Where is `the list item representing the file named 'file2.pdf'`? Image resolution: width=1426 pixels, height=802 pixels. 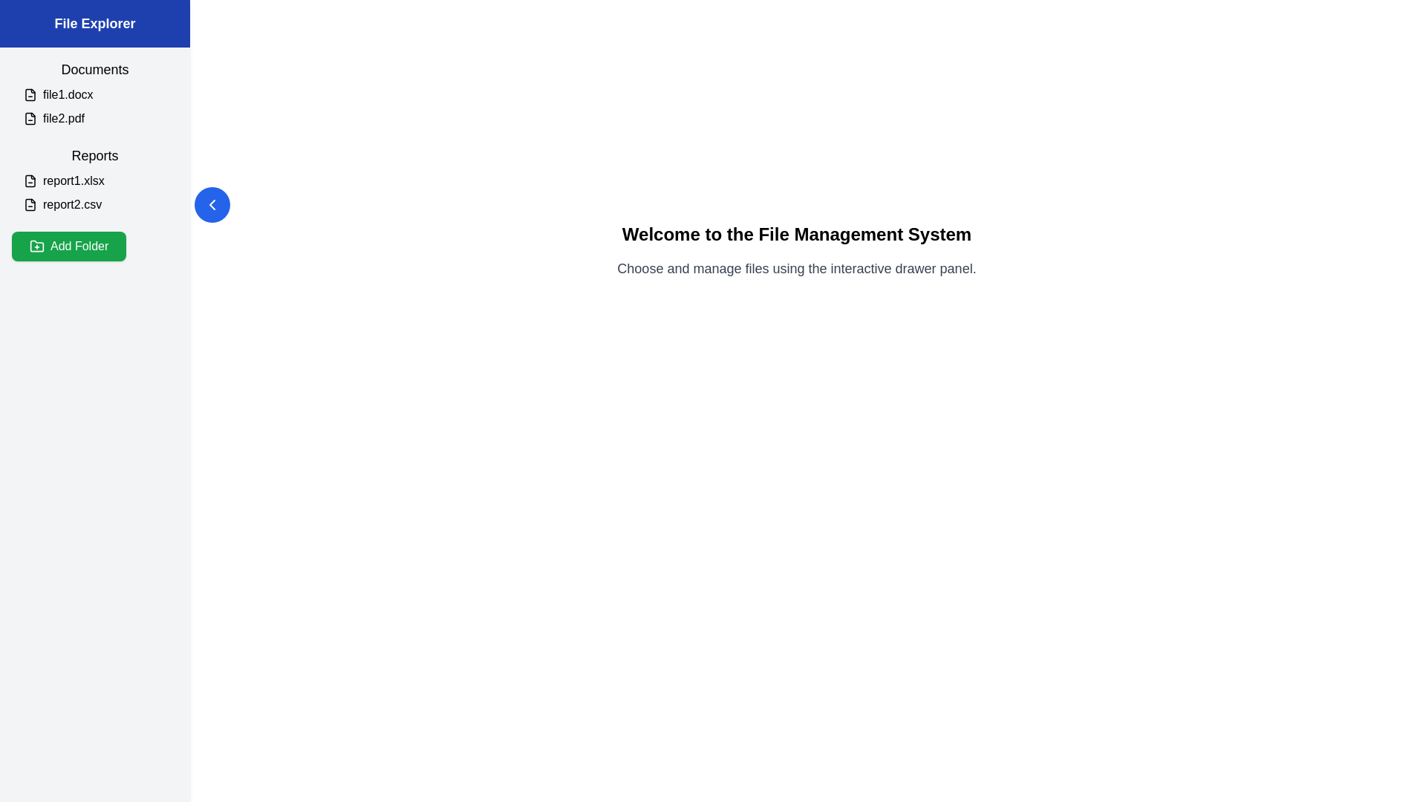
the list item representing the file named 'file2.pdf' is located at coordinates (100, 117).